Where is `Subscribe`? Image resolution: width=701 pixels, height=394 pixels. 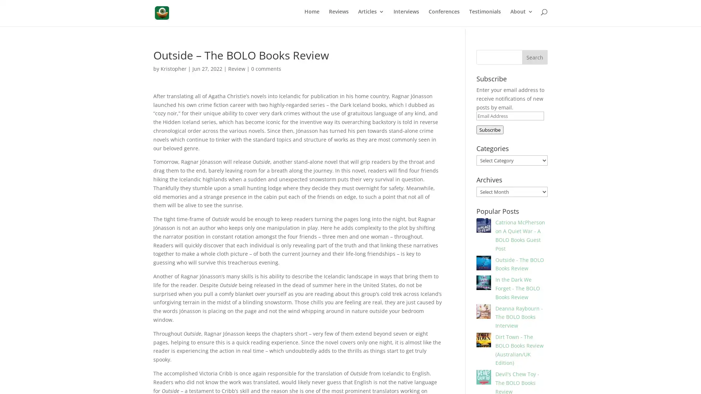 Subscribe is located at coordinates (489, 128).